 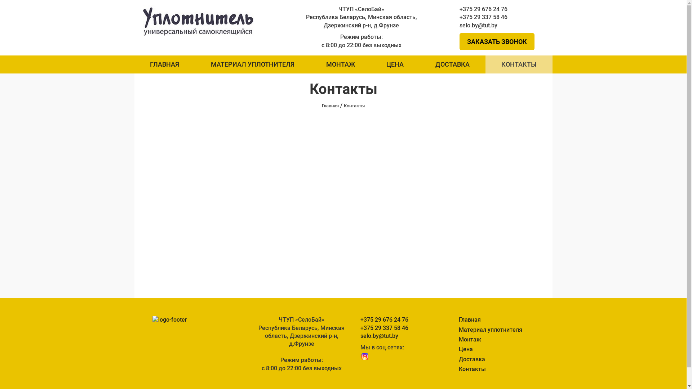 What do you see at coordinates (501, 25) in the screenshot?
I see `'selo.by@tut.by'` at bounding box center [501, 25].